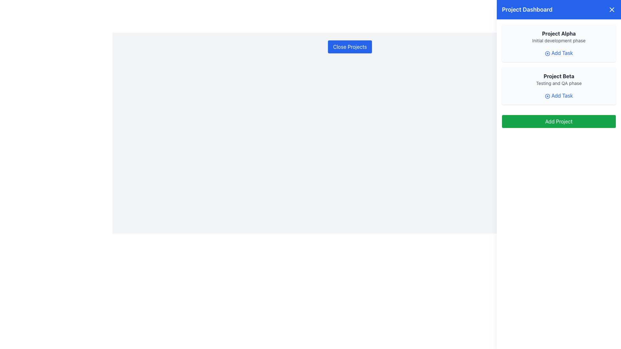 The width and height of the screenshot is (621, 349). What do you see at coordinates (559, 83) in the screenshot?
I see `the text label displaying 'Testing and QA phase' in light gray font, which is located beneath the heading 'Project Beta'` at bounding box center [559, 83].